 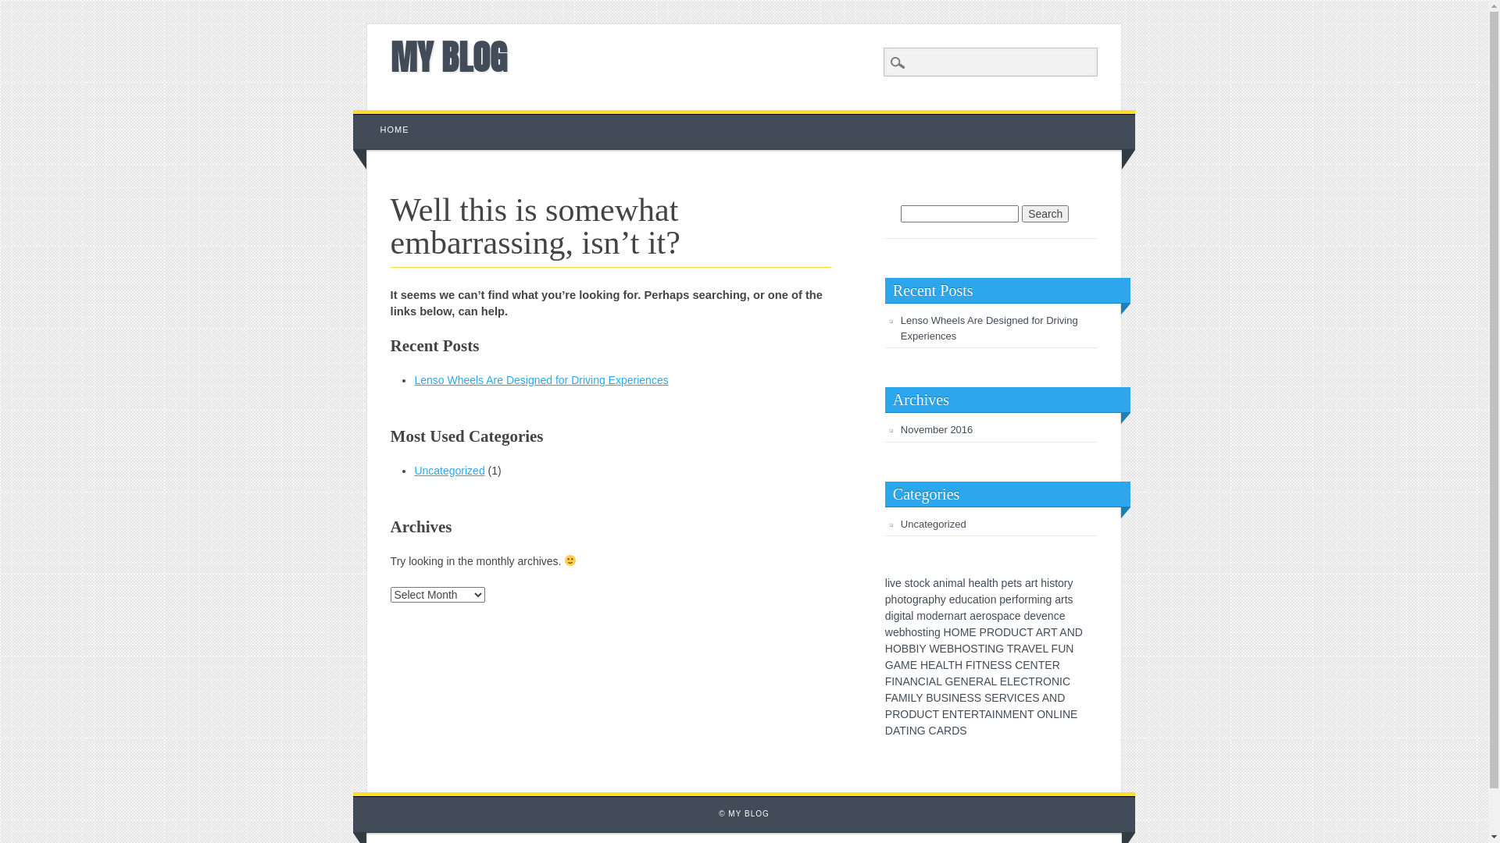 What do you see at coordinates (1049, 713) in the screenshot?
I see `'N'` at bounding box center [1049, 713].